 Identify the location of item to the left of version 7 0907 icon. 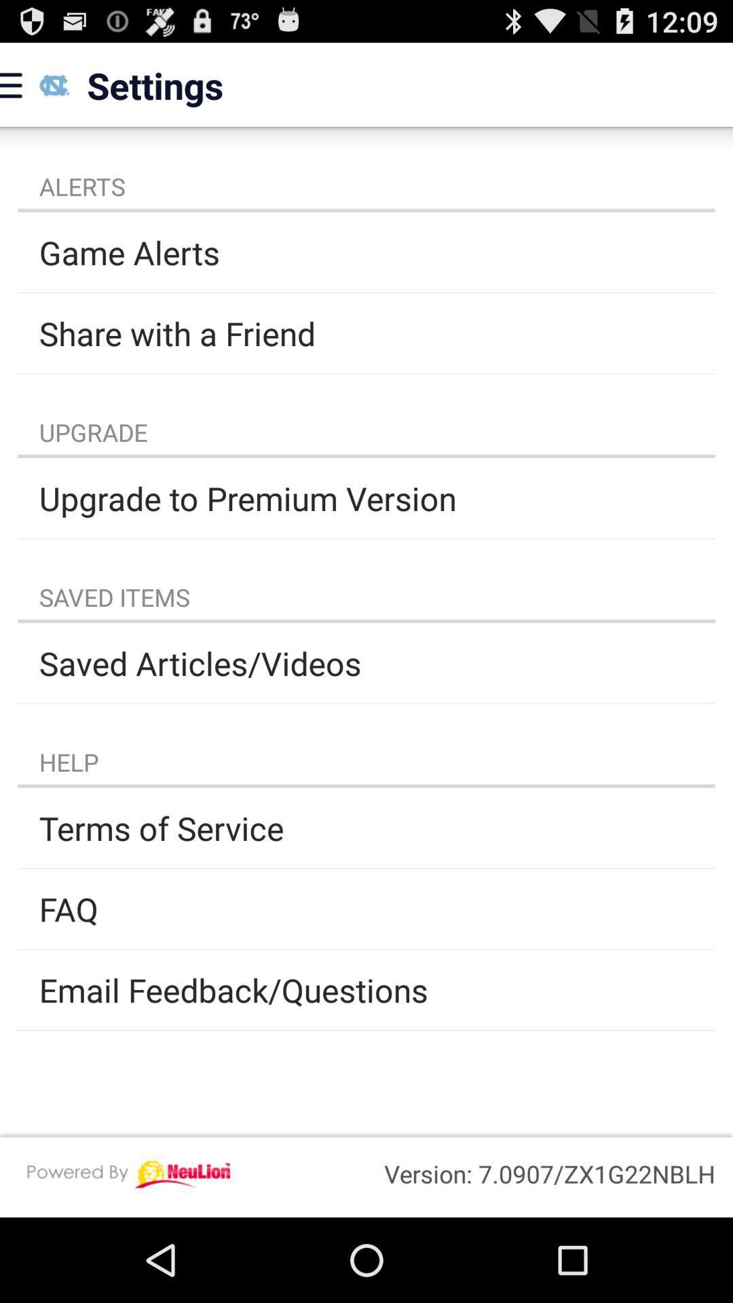
(128, 1173).